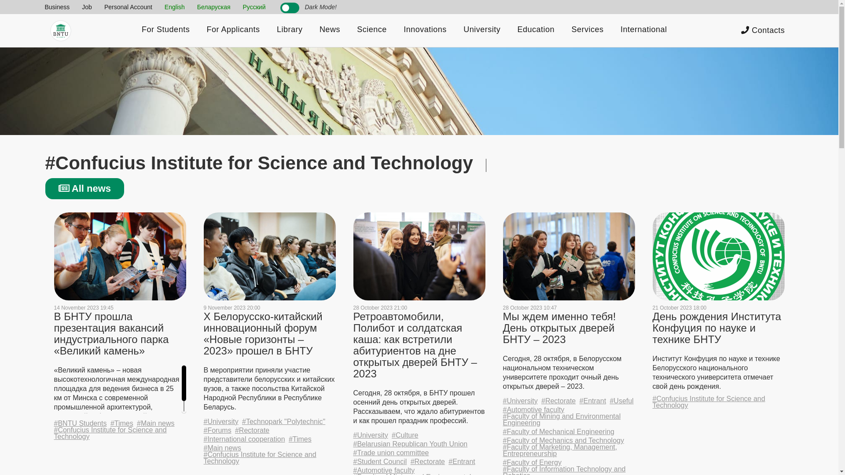 This screenshot has width=845, height=475. What do you see at coordinates (562, 440) in the screenshot?
I see `'#Faculty of Mechanics and Technology'` at bounding box center [562, 440].